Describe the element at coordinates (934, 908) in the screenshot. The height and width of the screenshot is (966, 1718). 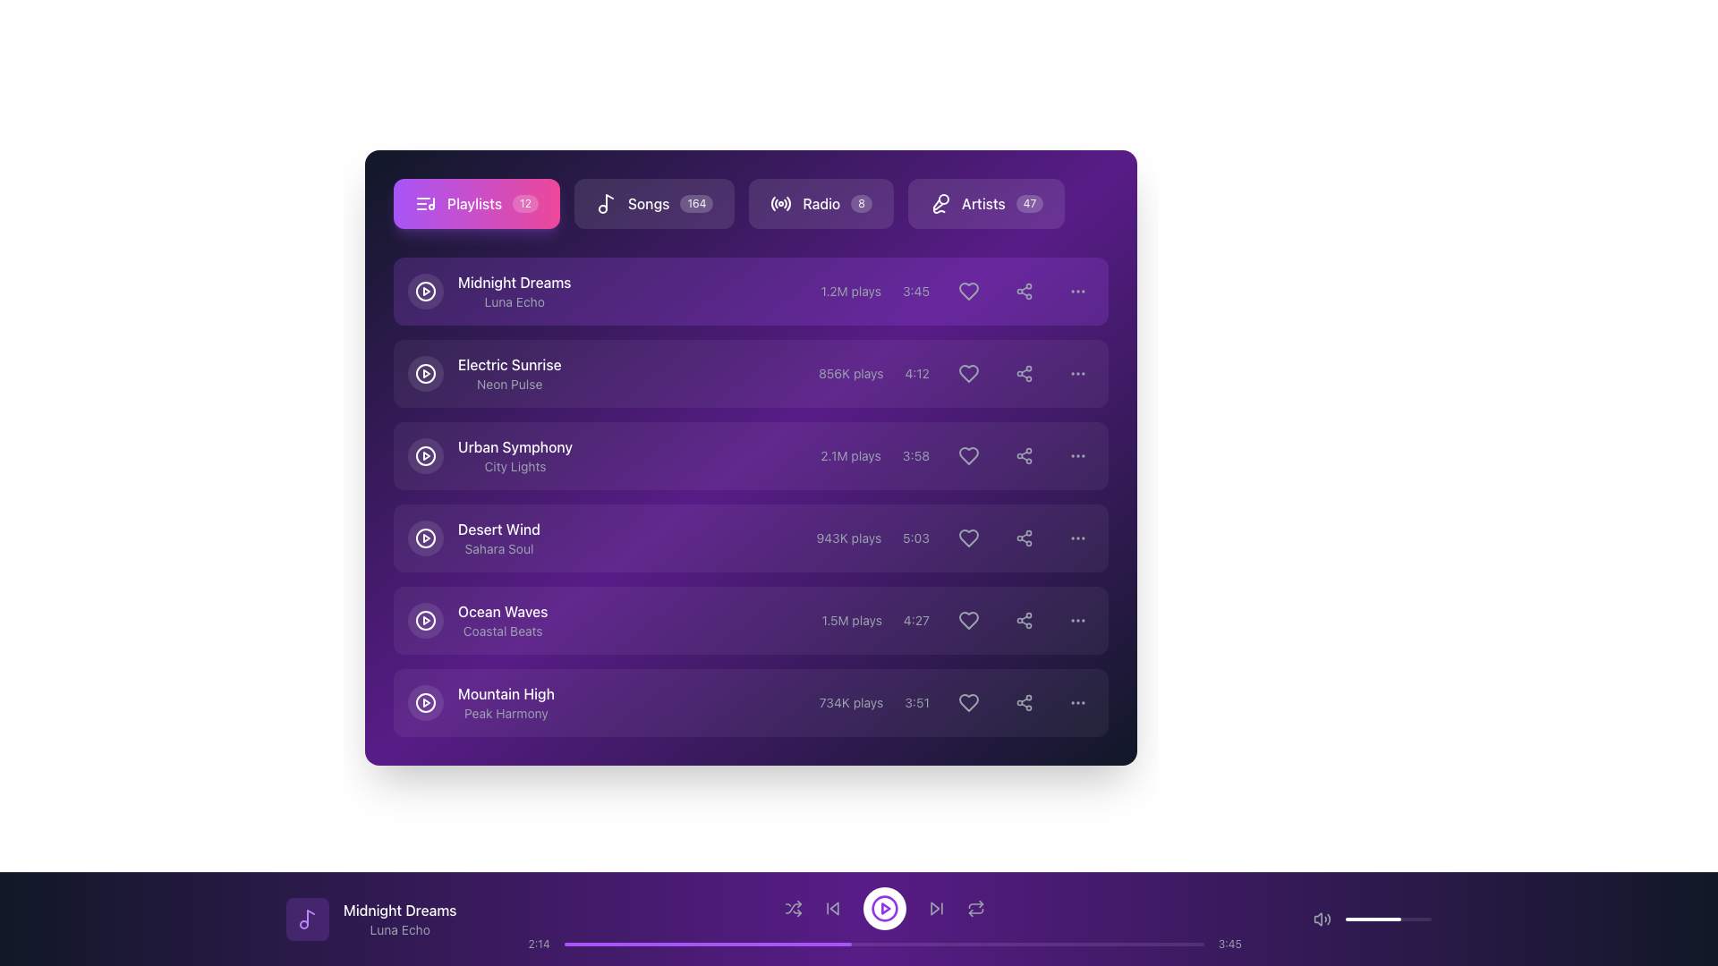
I see `the media control icon located in the bottom navigation bar, which allows users to skip to the next track` at that location.